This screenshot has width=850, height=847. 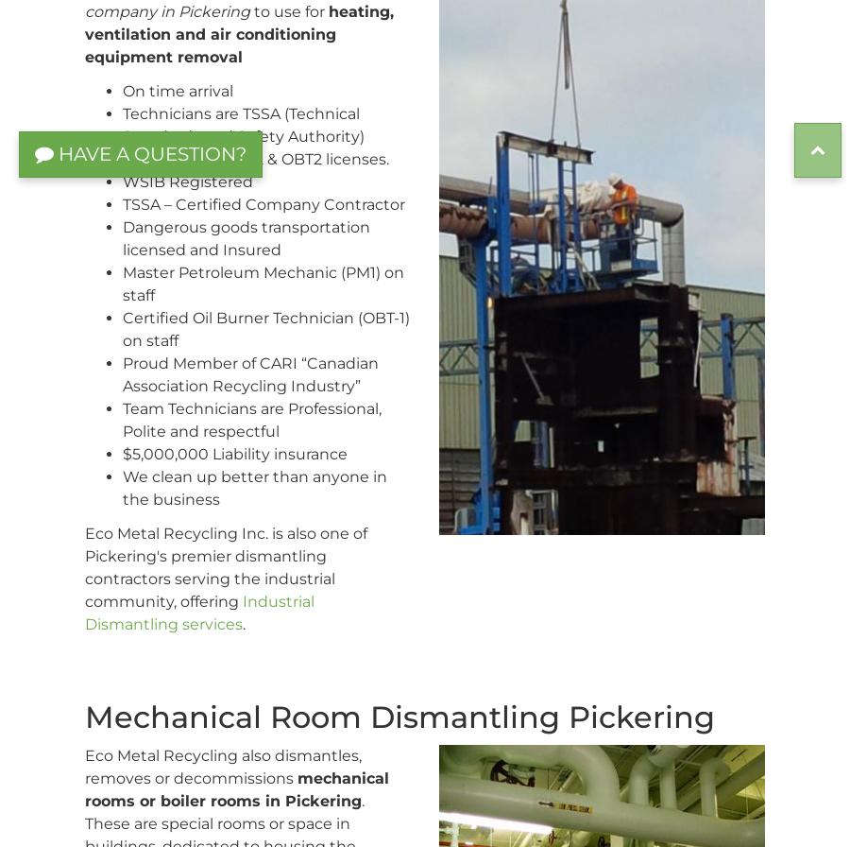 What do you see at coordinates (263, 283) in the screenshot?
I see `'Master Petroleum Mechanic (PM1) on staff'` at bounding box center [263, 283].